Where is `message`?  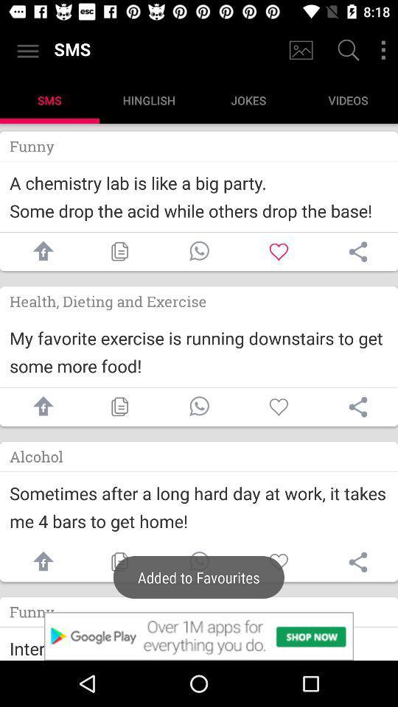 message is located at coordinates (199, 561).